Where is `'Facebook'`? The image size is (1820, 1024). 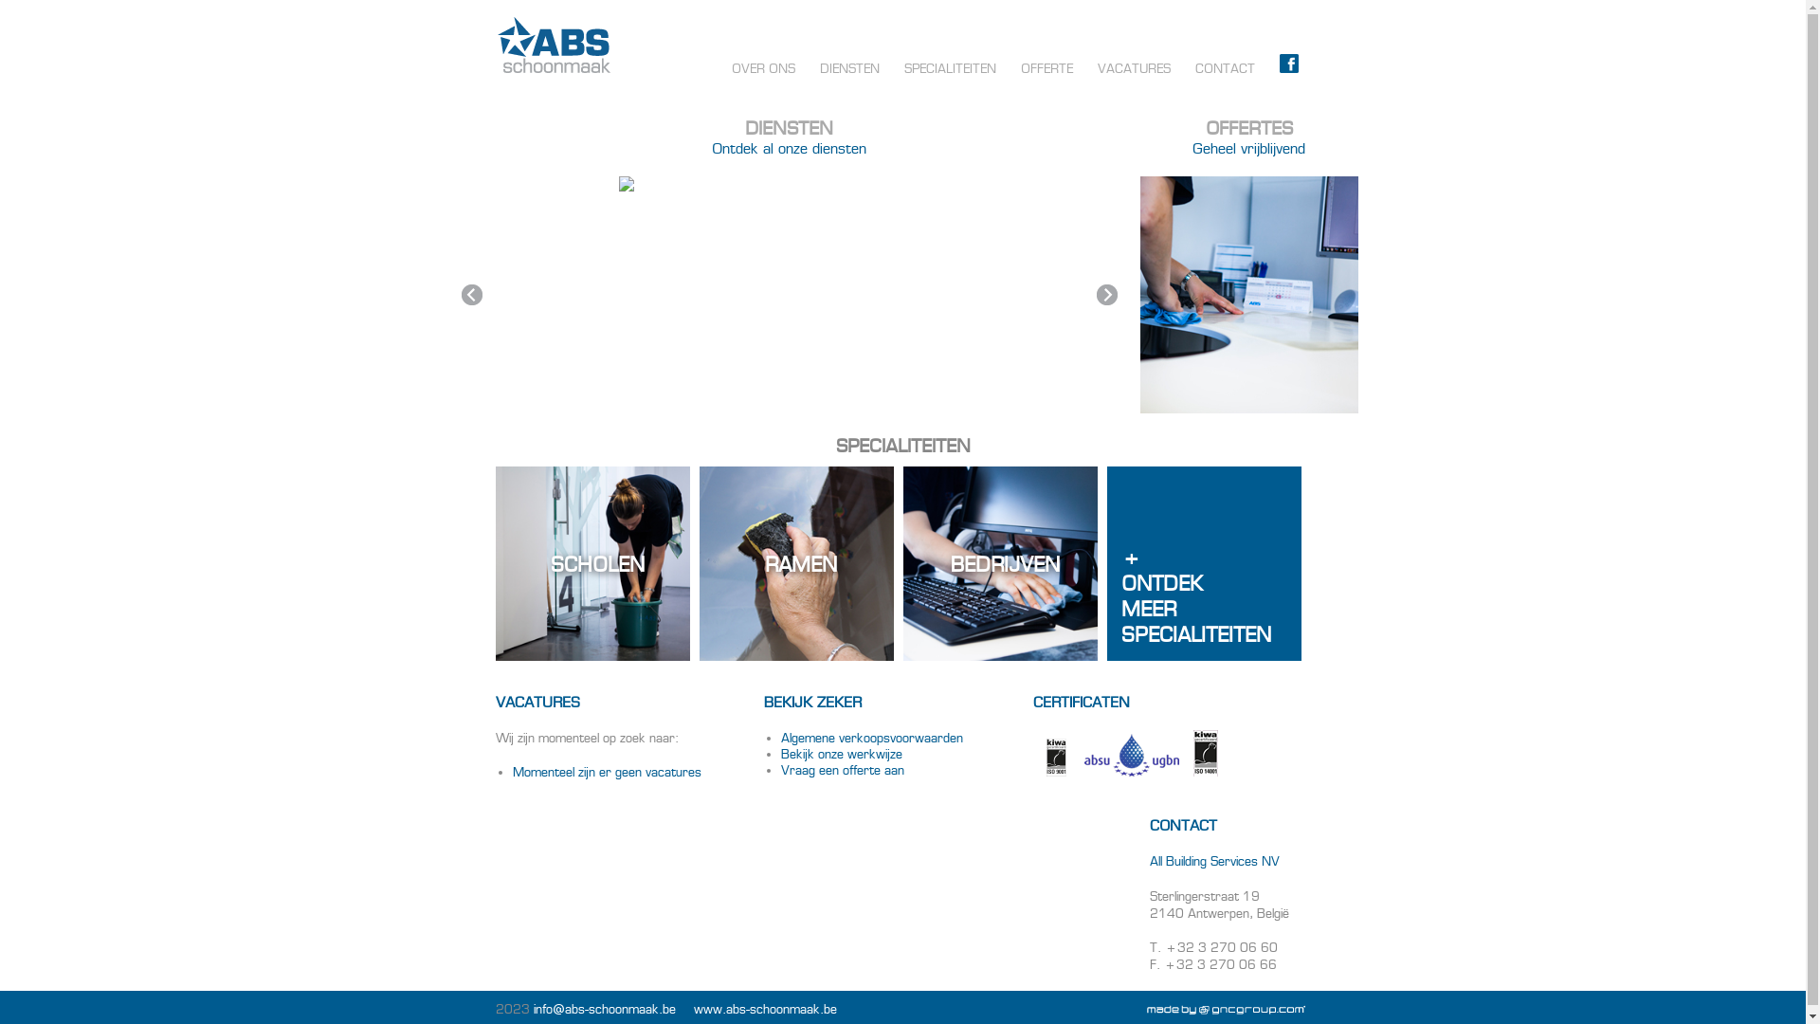 'Facebook' is located at coordinates (1288, 62).